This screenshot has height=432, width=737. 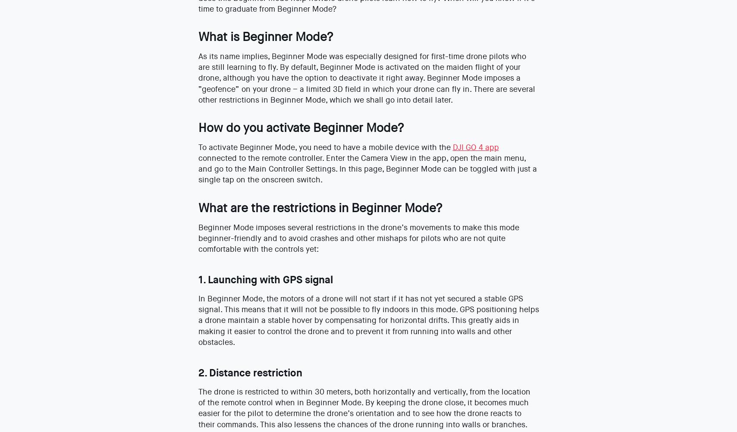 I want to click on 'Beginner Mode imposes several restrictions in the drone’s movements to make this mode beginner-friendly and to avoid crashes and other mishaps for pilots who are not quite comfortable with the controls yet:', so click(x=358, y=238).